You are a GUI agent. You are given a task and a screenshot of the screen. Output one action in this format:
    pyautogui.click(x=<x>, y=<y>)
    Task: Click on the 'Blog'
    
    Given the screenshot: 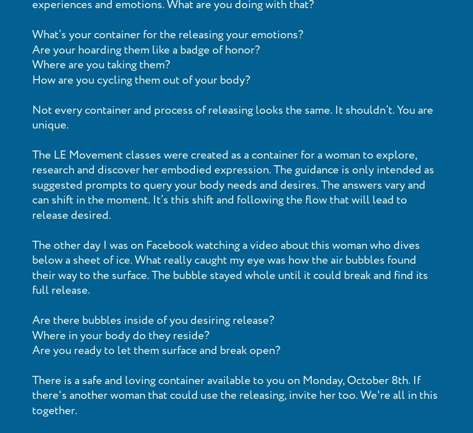 What is the action you would take?
    pyautogui.click(x=65, y=148)
    